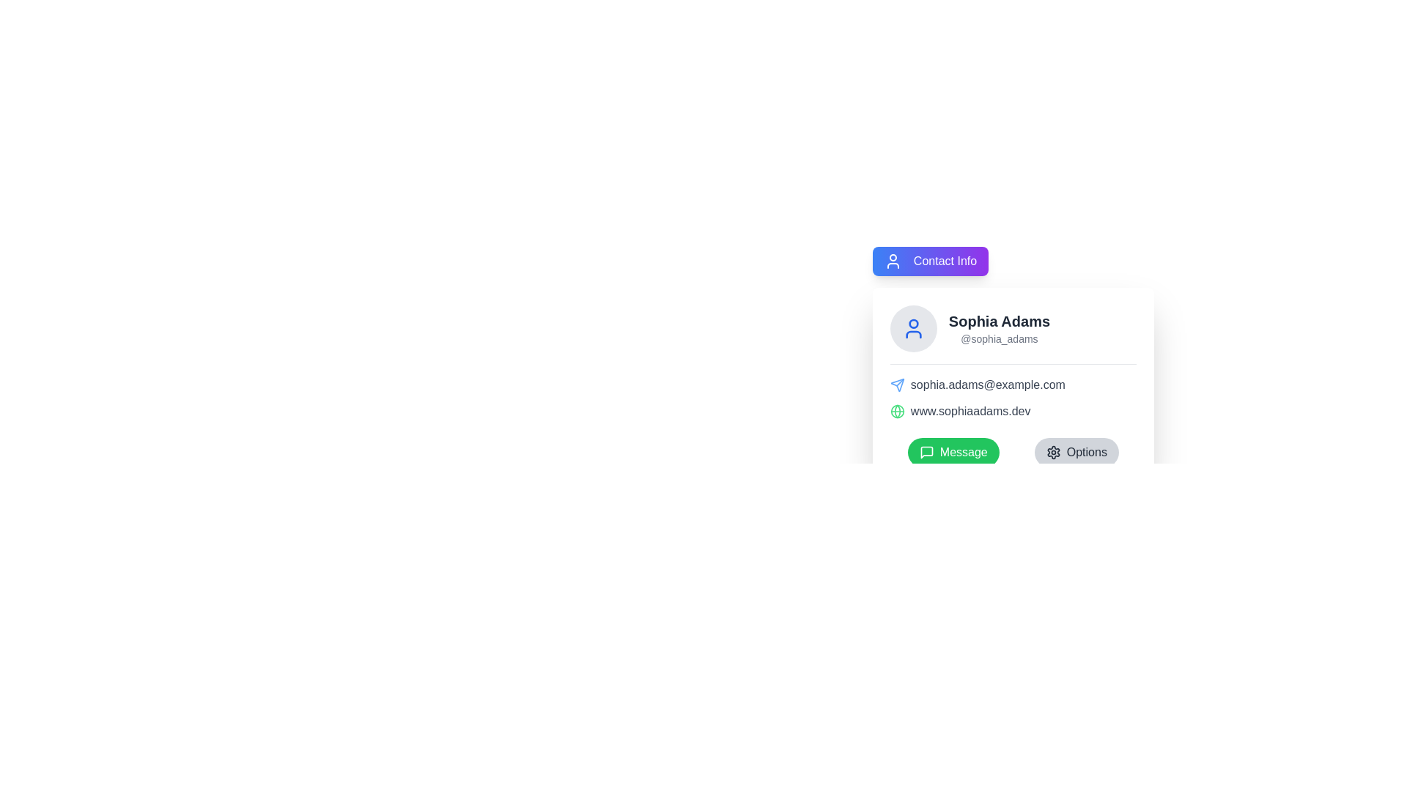 The height and width of the screenshot is (791, 1407). Describe the element at coordinates (1052, 451) in the screenshot. I see `the icon located within the 'Options' button, adjacent` at that location.